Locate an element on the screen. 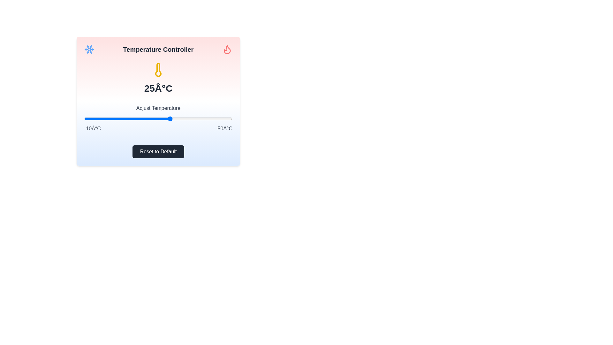  the temperature slider to set the temperature to 3°C is located at coordinates (116, 119).